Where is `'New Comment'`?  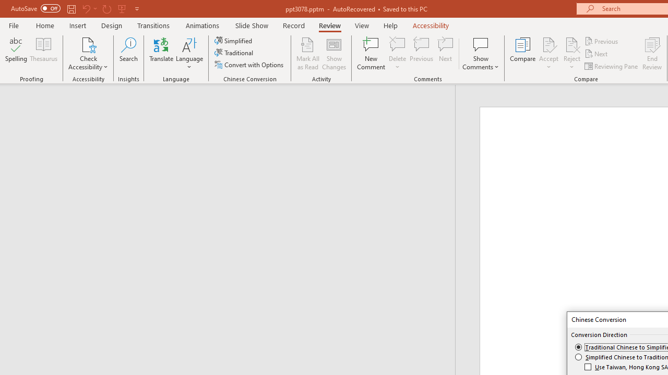 'New Comment' is located at coordinates (371, 54).